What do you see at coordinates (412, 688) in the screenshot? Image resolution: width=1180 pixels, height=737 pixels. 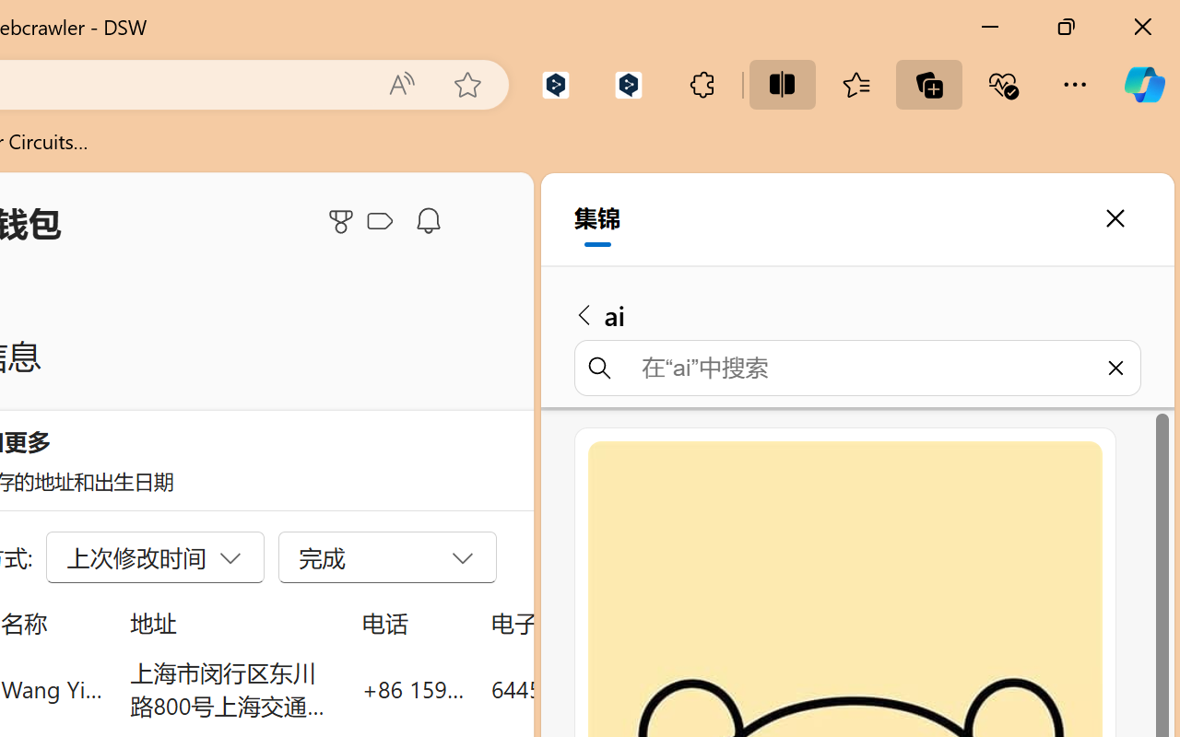 I see `'+86 159 0032 4640'` at bounding box center [412, 688].